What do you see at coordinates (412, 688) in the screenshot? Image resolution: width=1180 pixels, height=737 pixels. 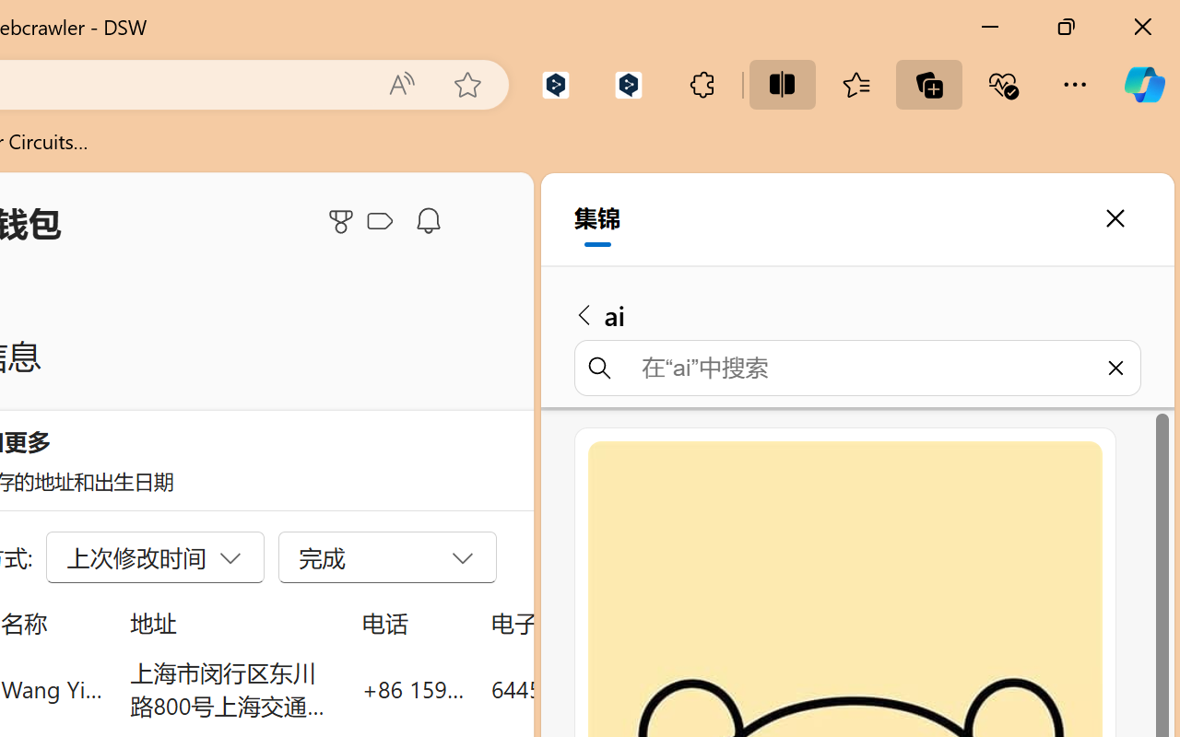 I see `'+86 159 0032 4640'` at bounding box center [412, 688].